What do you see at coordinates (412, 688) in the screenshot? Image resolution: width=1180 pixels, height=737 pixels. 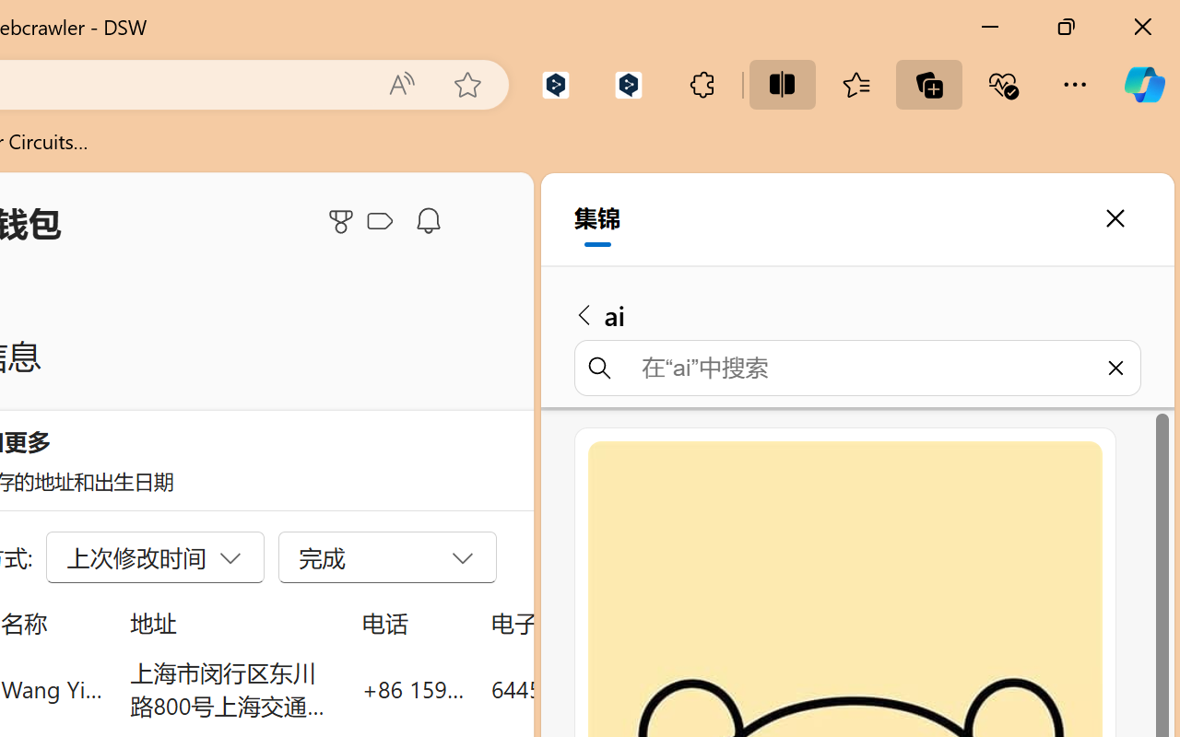 I see `'+86 159 0032 4640'` at bounding box center [412, 688].